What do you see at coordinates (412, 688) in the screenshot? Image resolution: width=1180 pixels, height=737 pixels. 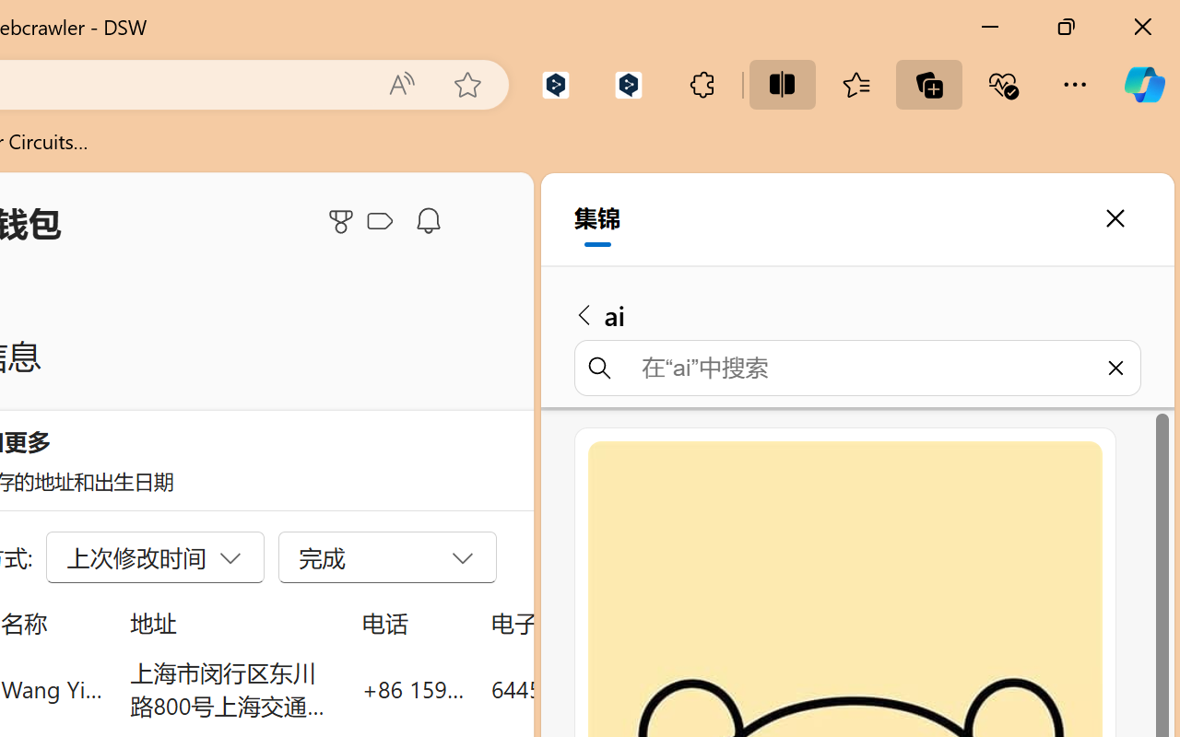 I see `'+86 159 0032 4640'` at bounding box center [412, 688].